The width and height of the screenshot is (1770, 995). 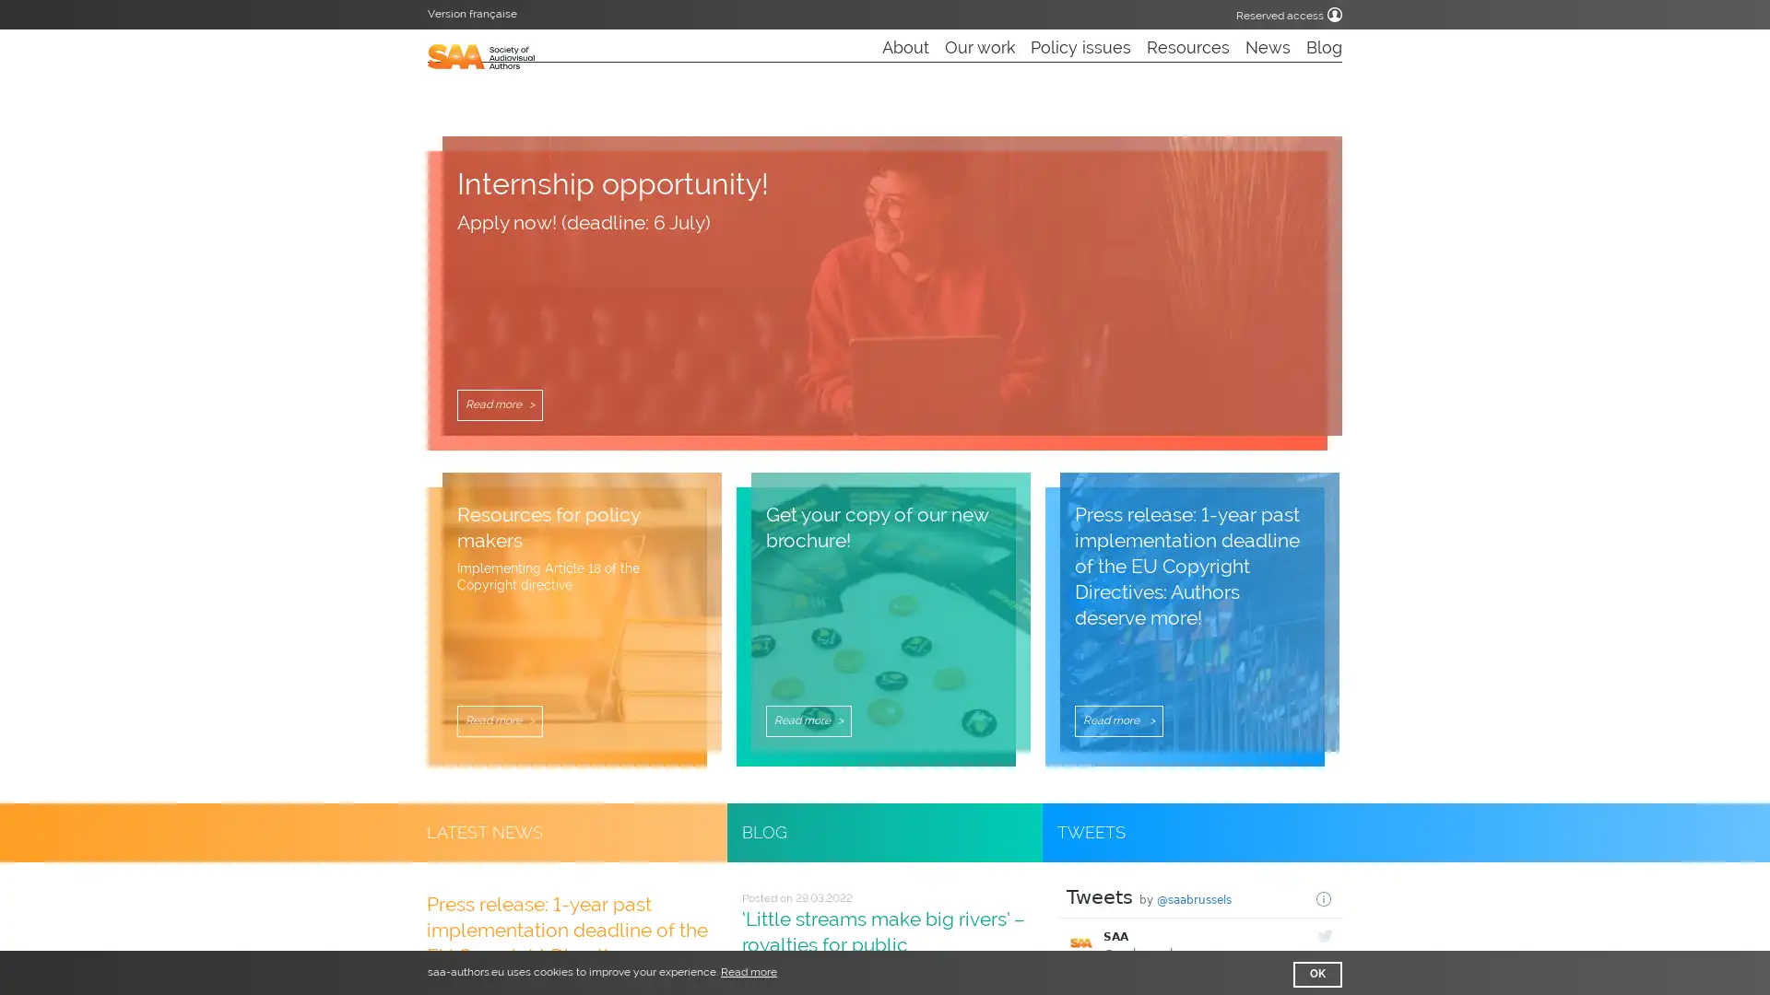 What do you see at coordinates (749, 969) in the screenshot?
I see `learn more about cookies` at bounding box center [749, 969].